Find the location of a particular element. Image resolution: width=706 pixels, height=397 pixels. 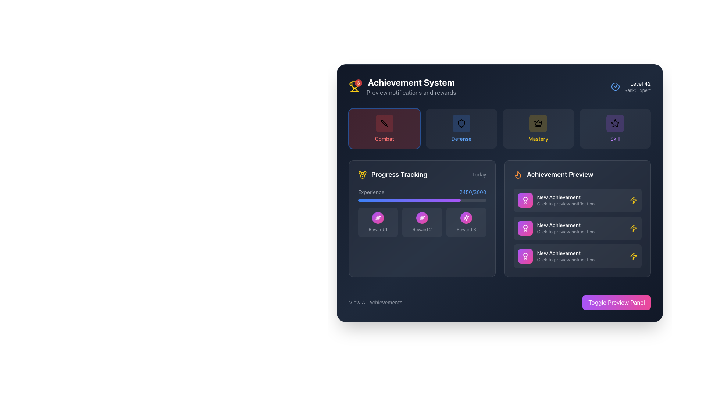

the 'Defense' button, which is a dark button with a shield icon and blue text, located between the 'Combat' and 'Mastery' buttons is located at coordinates (461, 128).